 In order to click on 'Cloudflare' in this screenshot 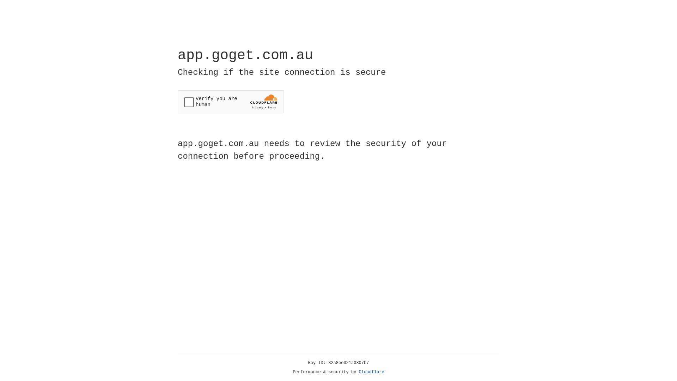, I will do `click(371, 372)`.